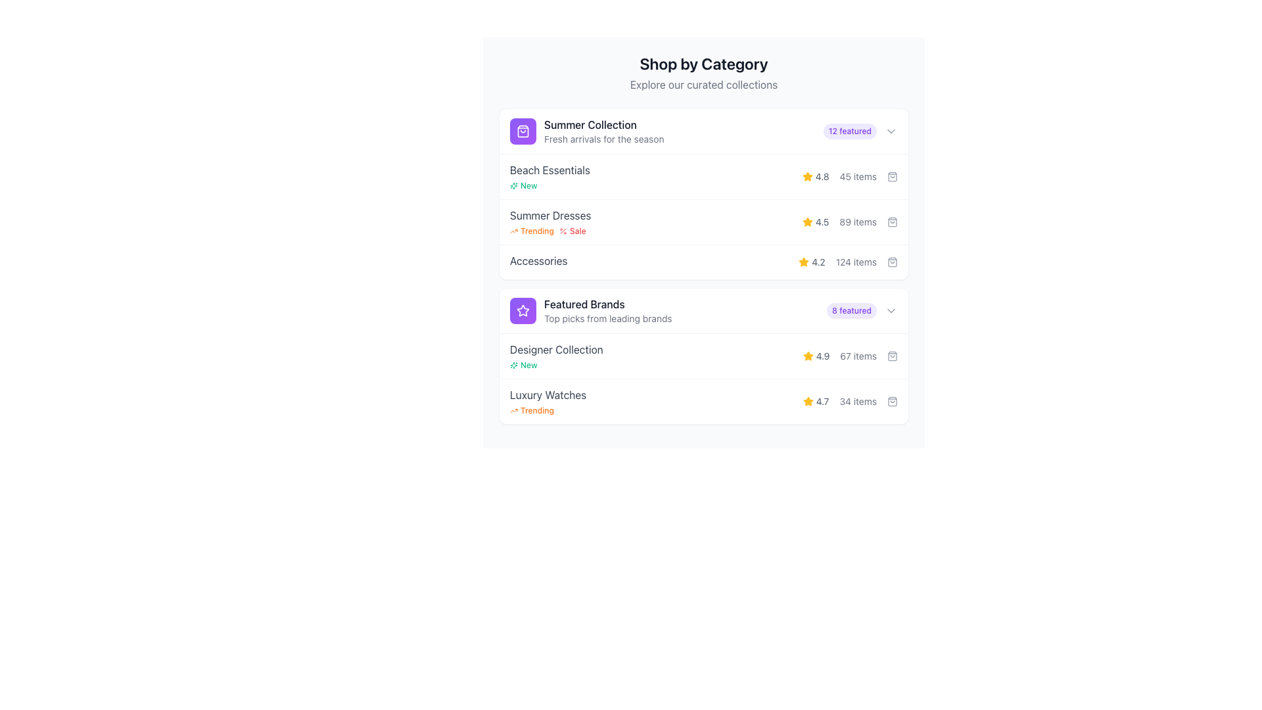 Image resolution: width=1262 pixels, height=710 pixels. I want to click on the badge indicating a new item or feature associated with the 'Designer Collection', located directly below the 'Designer Collection' title in the 'Featured Brands' section, so click(556, 365).